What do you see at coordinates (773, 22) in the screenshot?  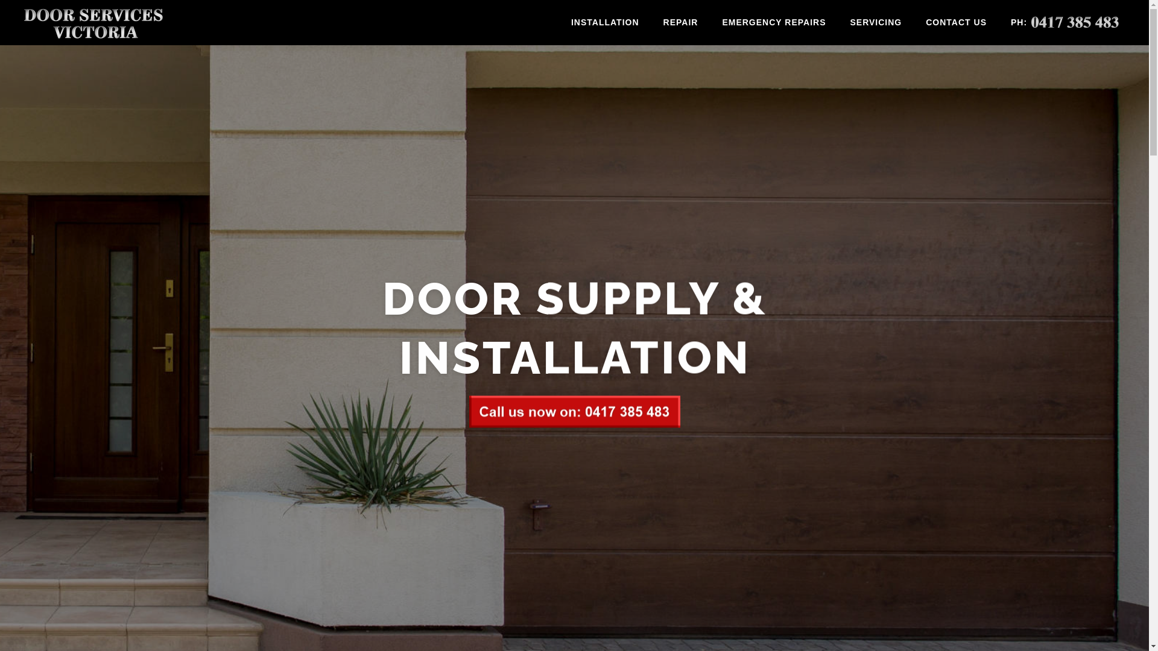 I see `'EMERGENCY REPAIRS'` at bounding box center [773, 22].